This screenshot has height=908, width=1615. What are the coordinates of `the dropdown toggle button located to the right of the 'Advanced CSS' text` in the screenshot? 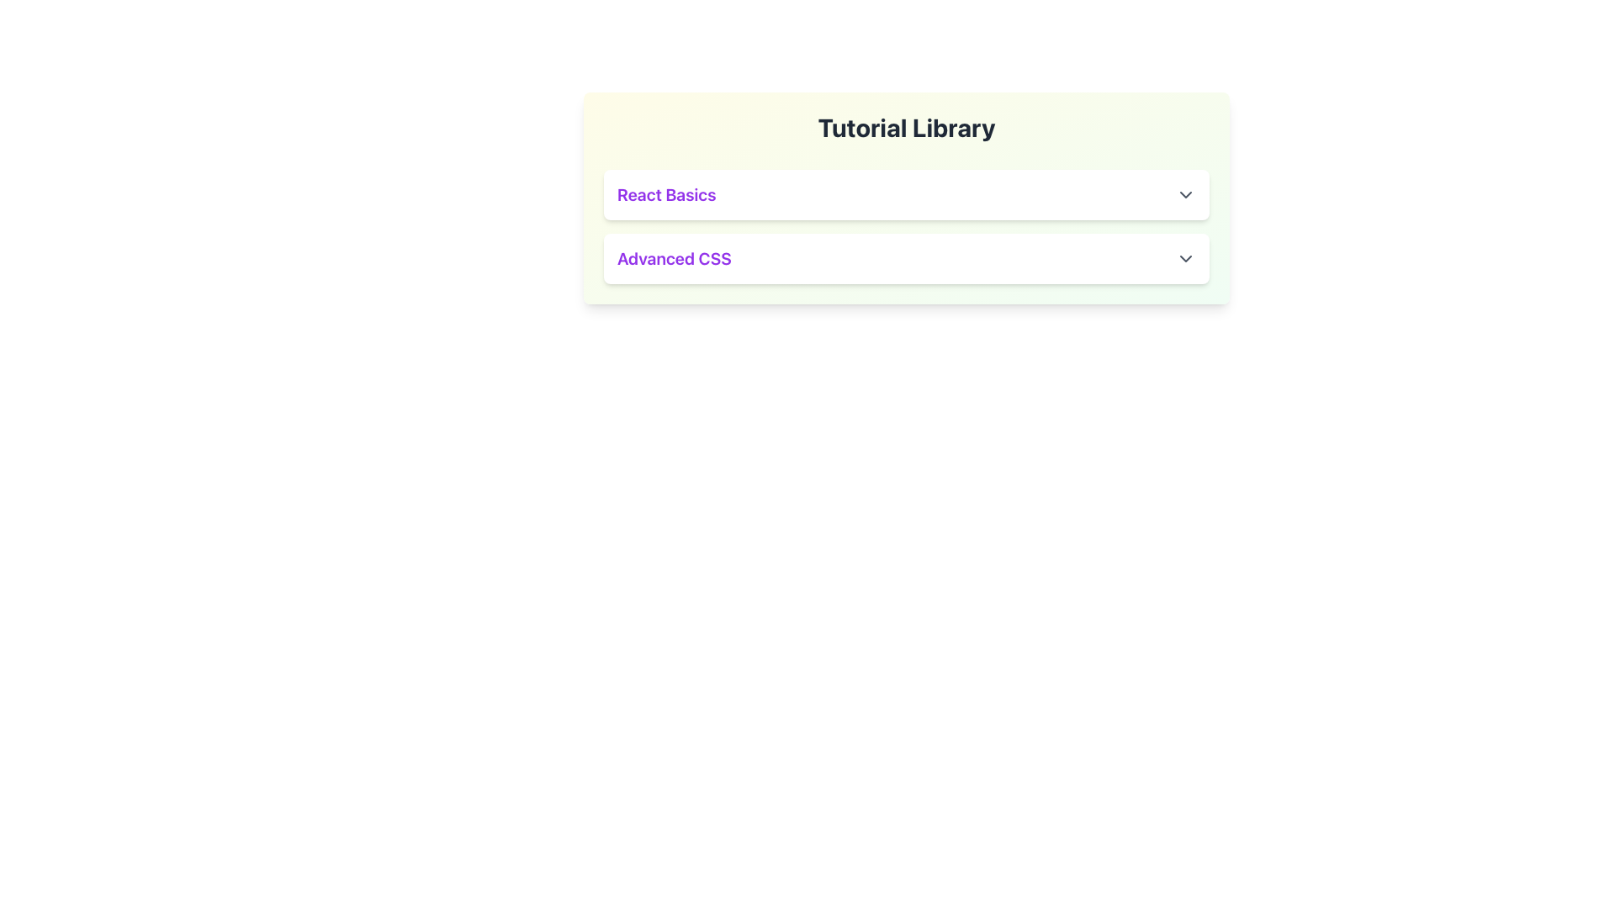 It's located at (1185, 259).